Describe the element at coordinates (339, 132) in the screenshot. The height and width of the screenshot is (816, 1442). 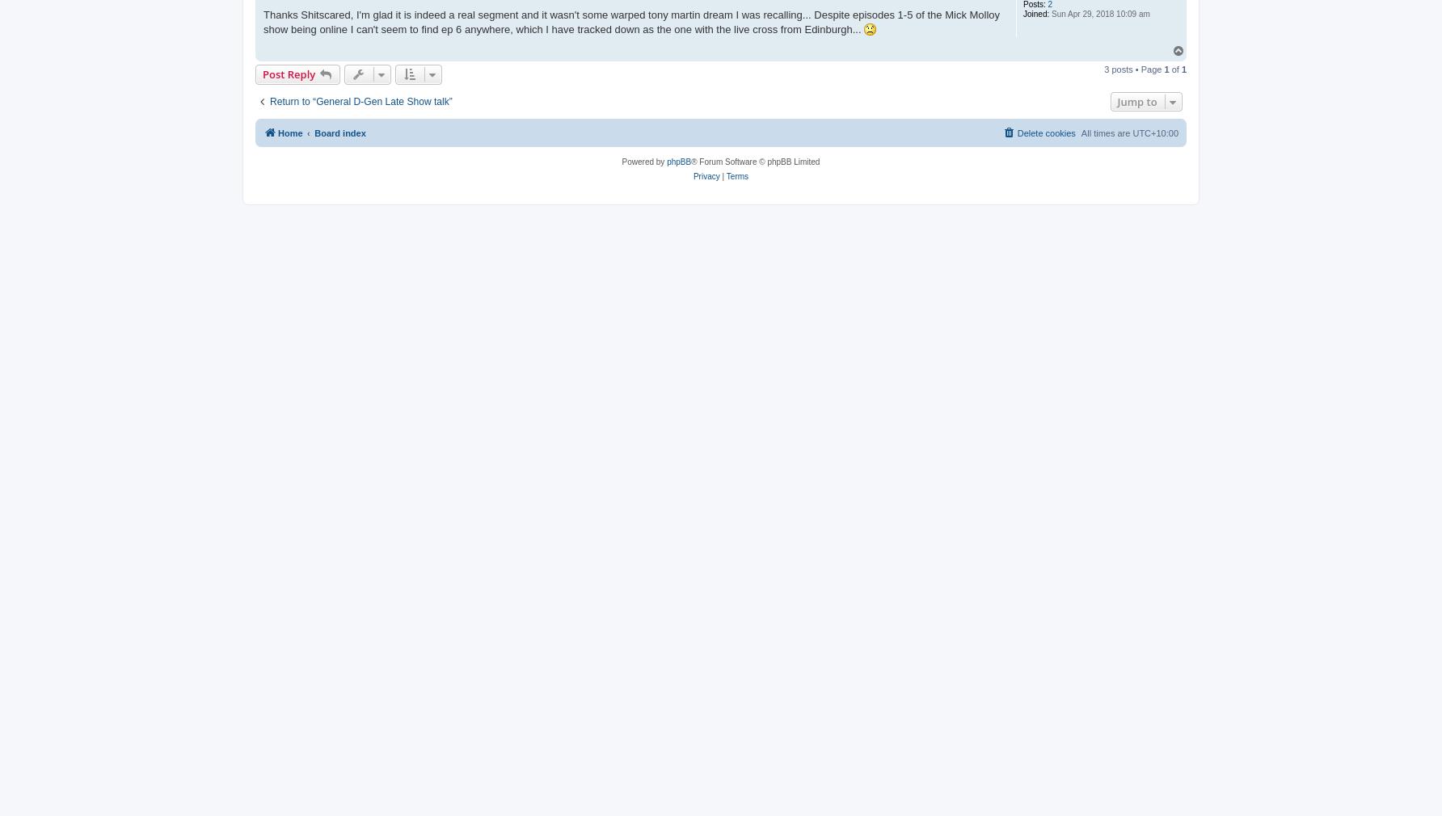
I see `'Board index'` at that location.